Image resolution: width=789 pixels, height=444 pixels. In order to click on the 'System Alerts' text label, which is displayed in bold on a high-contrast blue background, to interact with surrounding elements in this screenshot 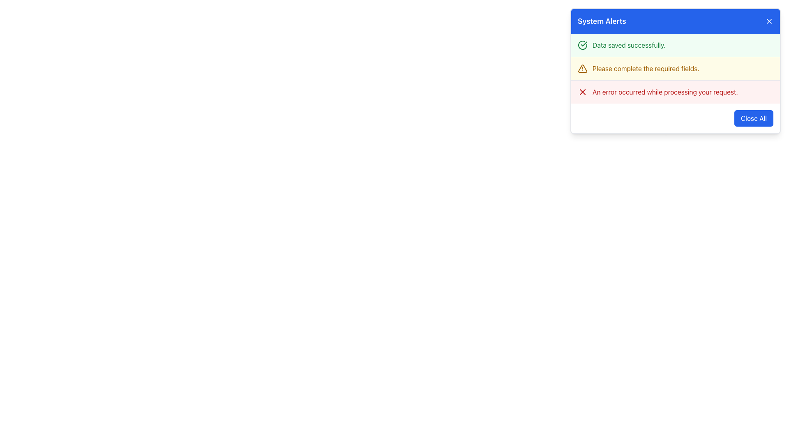, I will do `click(602, 21)`.